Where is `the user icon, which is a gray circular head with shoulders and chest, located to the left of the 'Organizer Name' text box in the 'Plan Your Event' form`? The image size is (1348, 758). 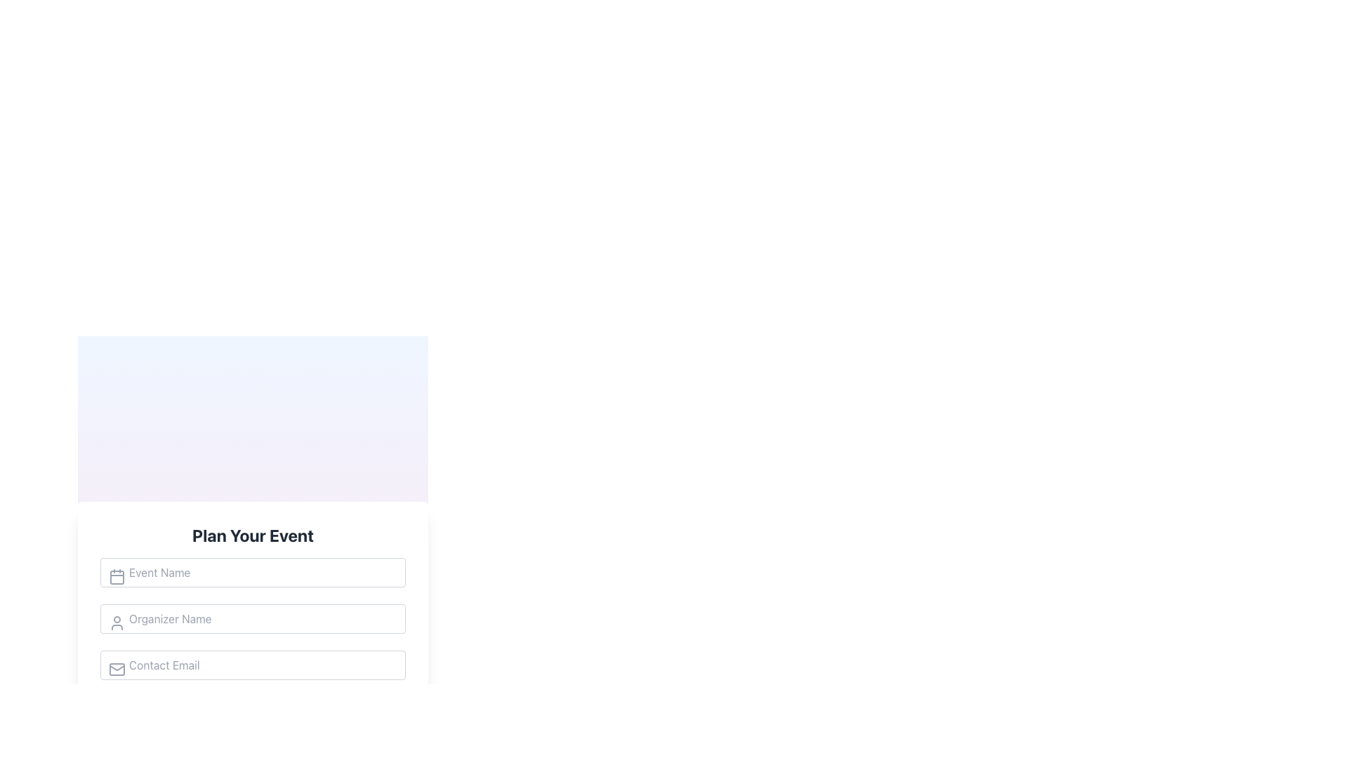
the user icon, which is a gray circular head with shoulders and chest, located to the left of the 'Organizer Name' text box in the 'Plan Your Event' form is located at coordinates (117, 622).